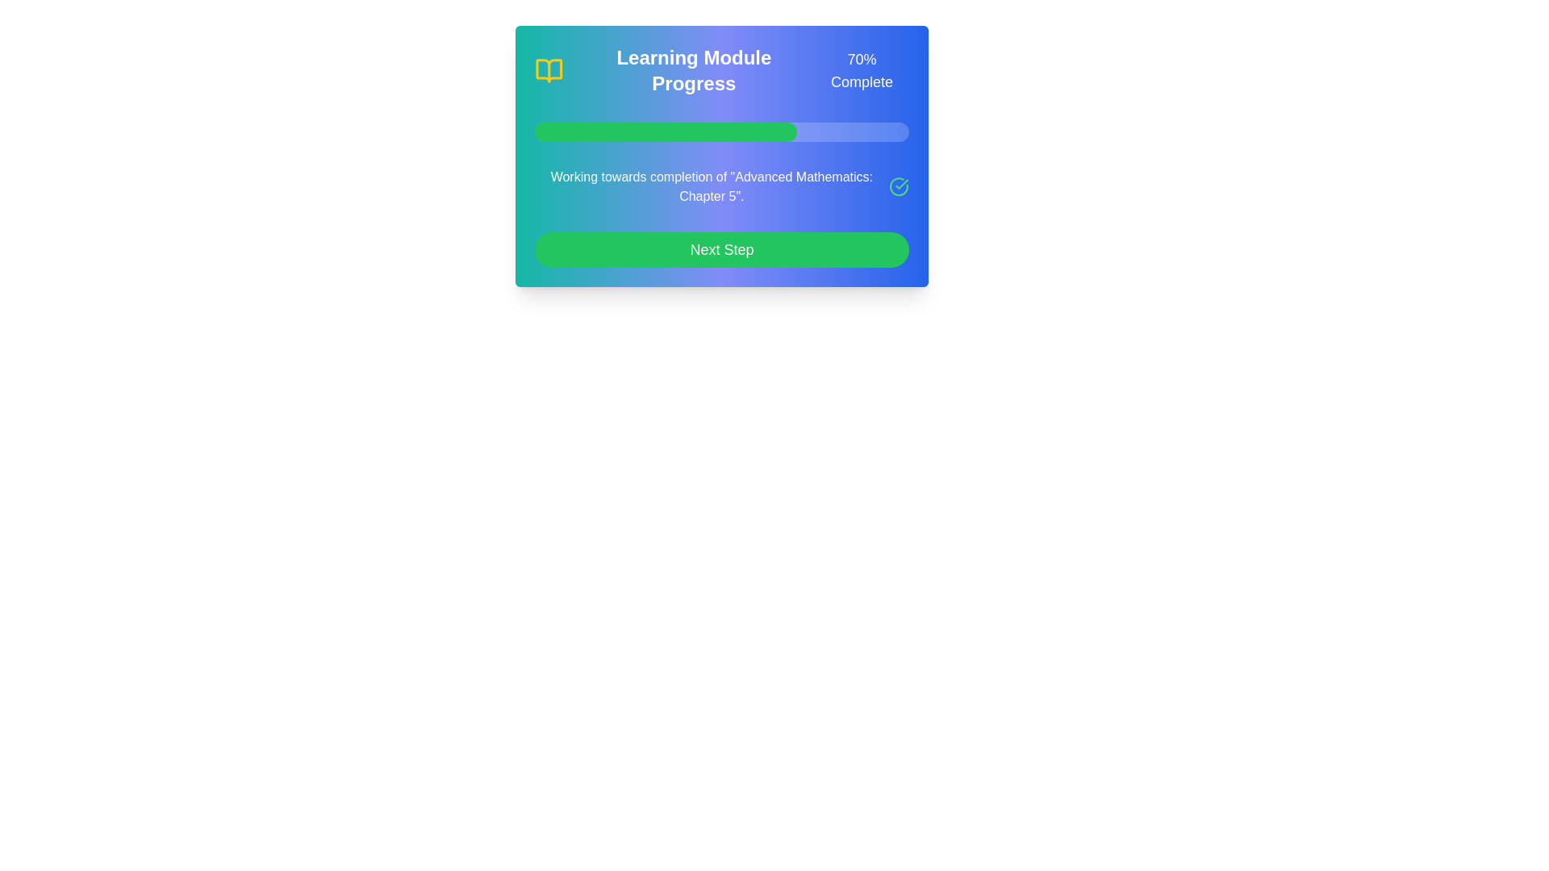 The width and height of the screenshot is (1549, 871). I want to click on the stylized icon of an open book, which has a yellow outline and aqua blue interior, located in the top-left corner of the 'Learning Module Progress' card, so click(549, 70).